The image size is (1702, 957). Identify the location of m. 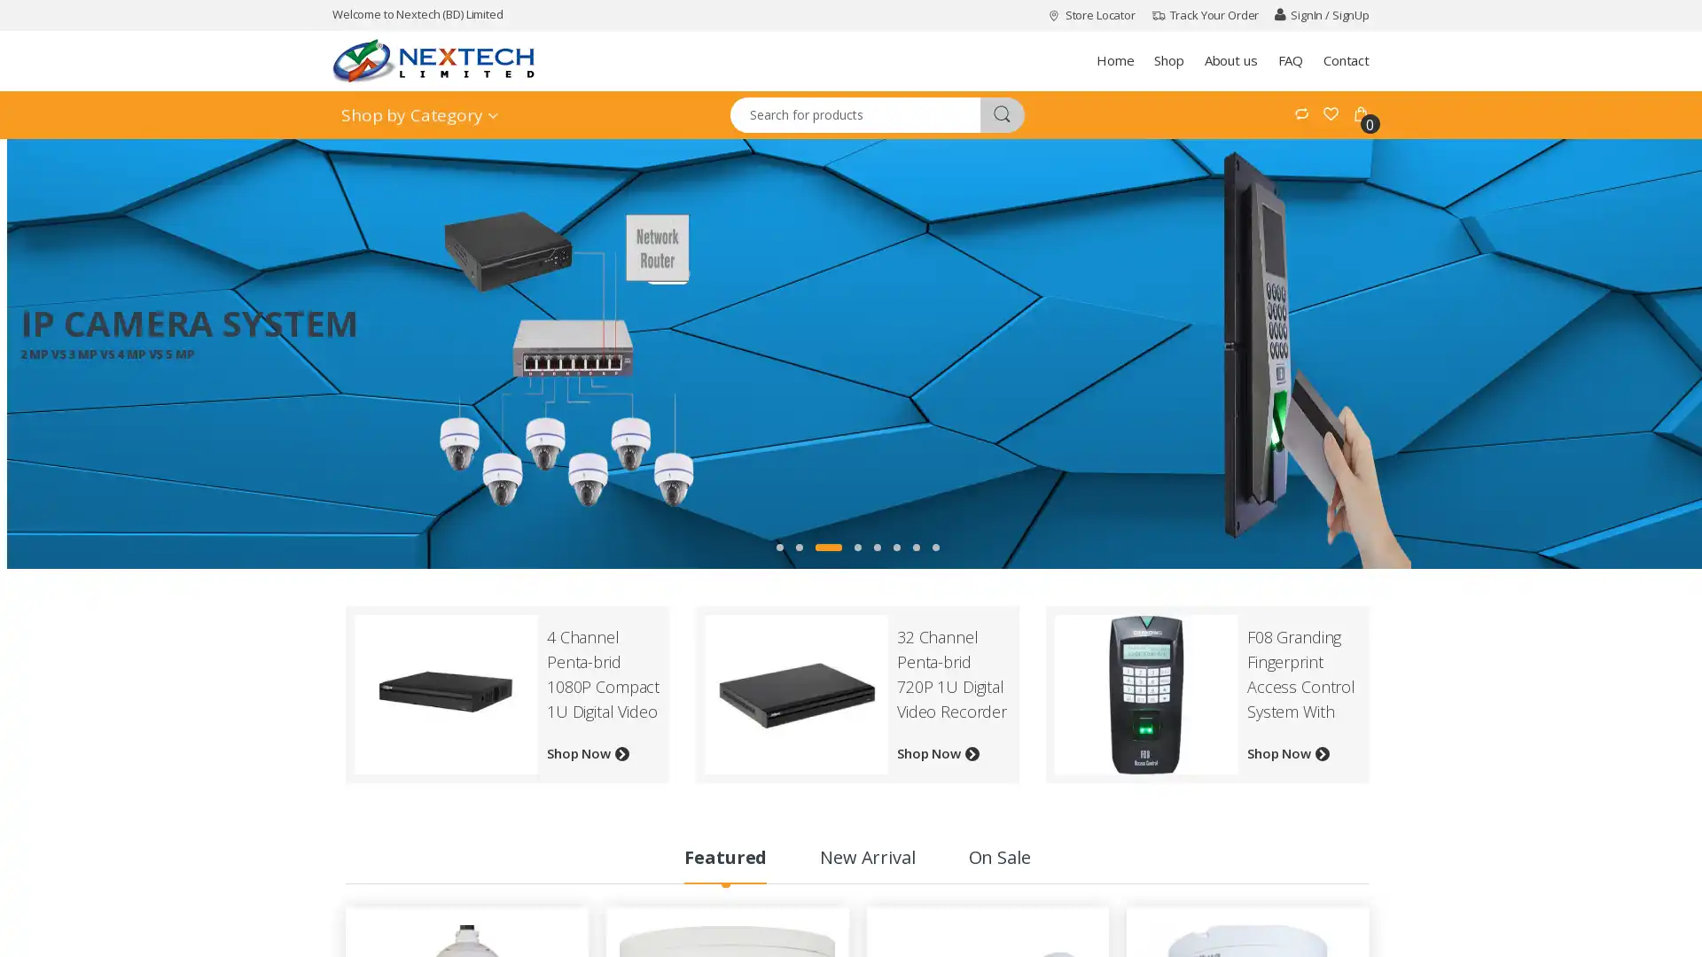
(1001, 113).